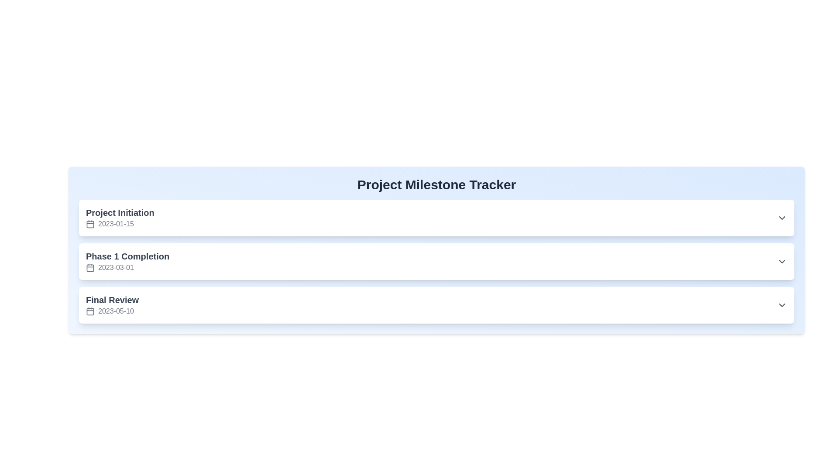 The height and width of the screenshot is (471, 838). What do you see at coordinates (127, 256) in the screenshot?
I see `the text label 'Phase 1 Completion' which is styled with a bold font weight and dark gray color, indicating a significant milestone in the interface` at bounding box center [127, 256].